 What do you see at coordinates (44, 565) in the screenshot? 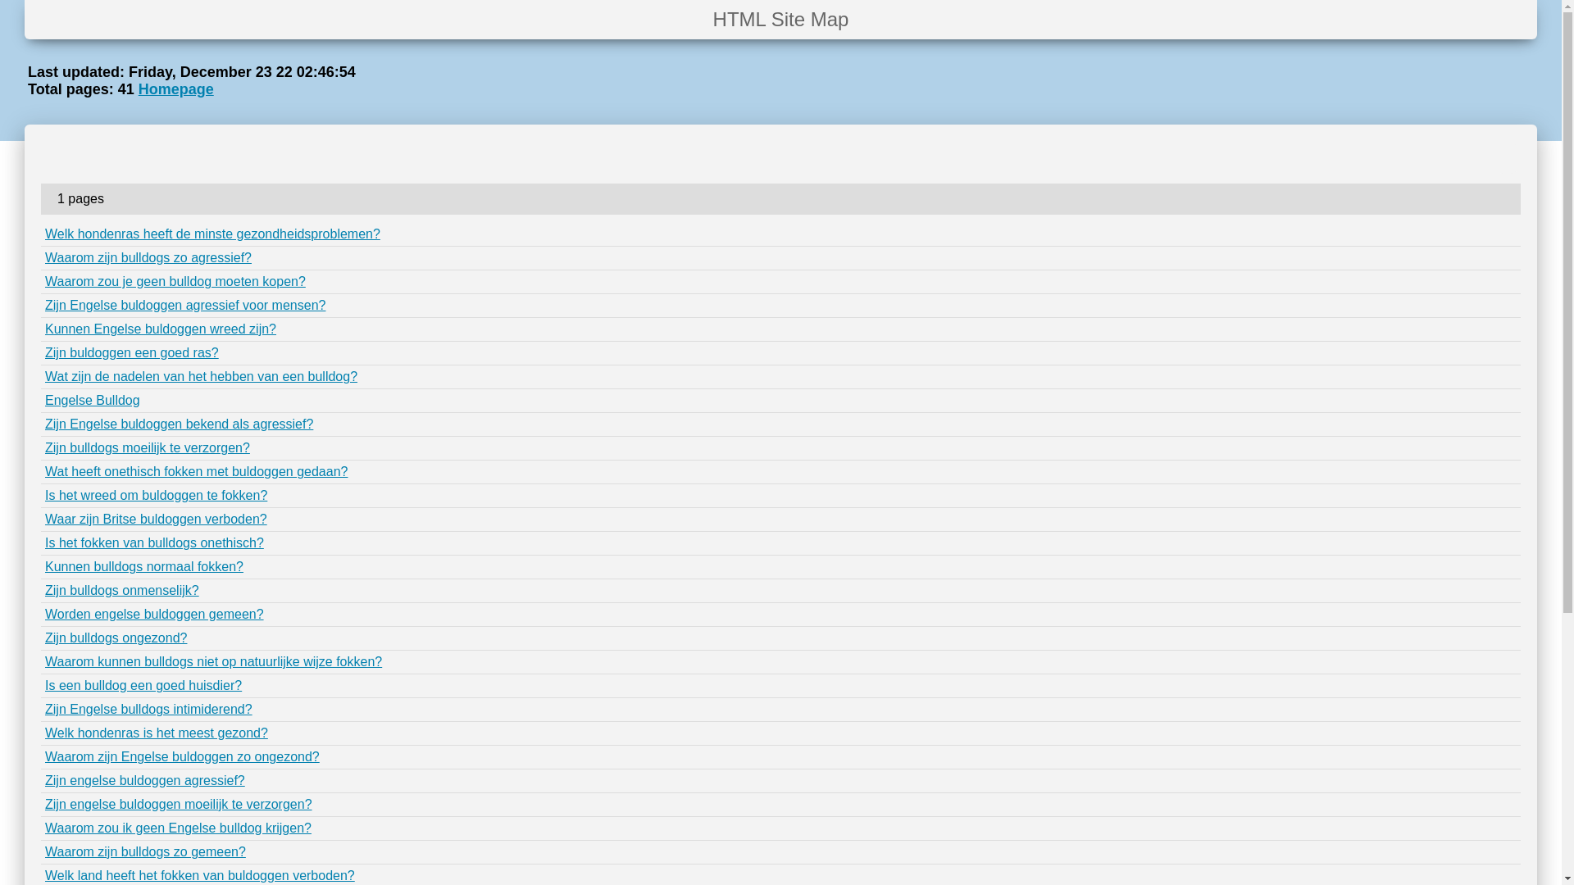
I see `'Kunnen bulldogs normaal fokken?'` at bounding box center [44, 565].